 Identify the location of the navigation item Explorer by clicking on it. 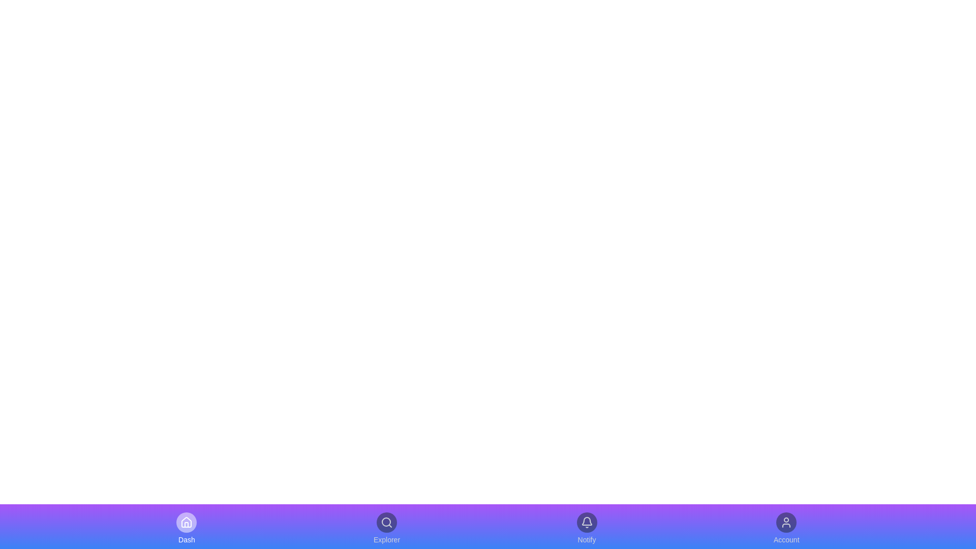
(386, 528).